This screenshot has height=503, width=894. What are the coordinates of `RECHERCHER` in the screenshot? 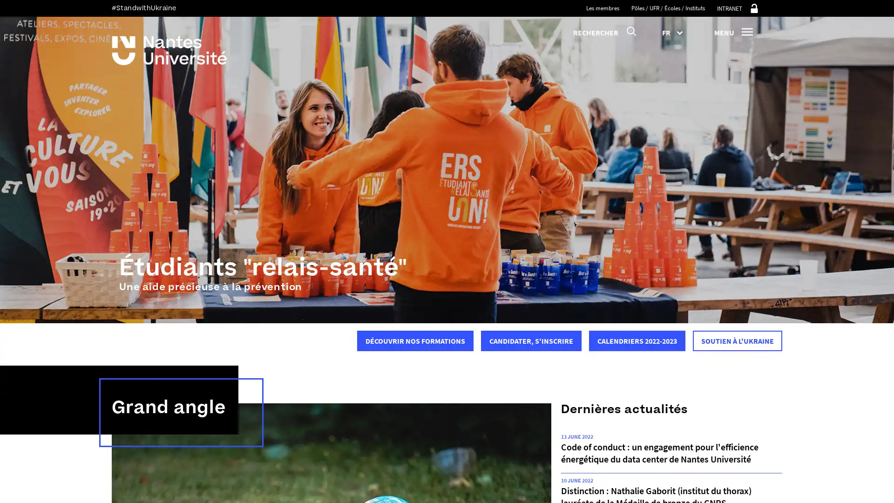 It's located at (605, 31).